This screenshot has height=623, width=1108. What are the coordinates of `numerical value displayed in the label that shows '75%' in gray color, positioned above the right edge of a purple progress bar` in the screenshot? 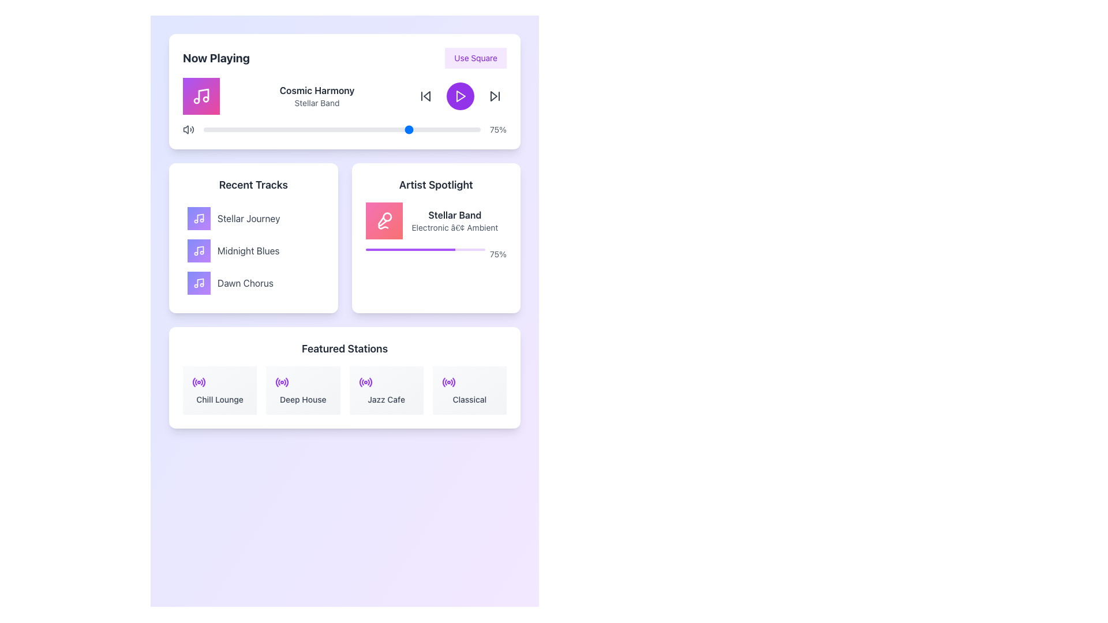 It's located at (498, 253).